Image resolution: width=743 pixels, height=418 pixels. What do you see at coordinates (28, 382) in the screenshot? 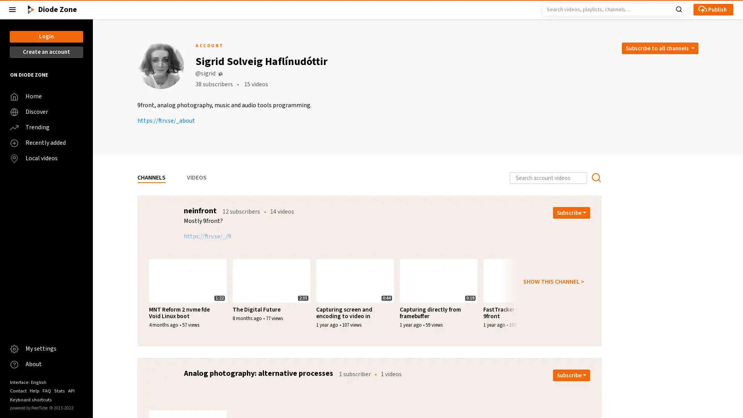
I see `Interface: English` at bounding box center [28, 382].